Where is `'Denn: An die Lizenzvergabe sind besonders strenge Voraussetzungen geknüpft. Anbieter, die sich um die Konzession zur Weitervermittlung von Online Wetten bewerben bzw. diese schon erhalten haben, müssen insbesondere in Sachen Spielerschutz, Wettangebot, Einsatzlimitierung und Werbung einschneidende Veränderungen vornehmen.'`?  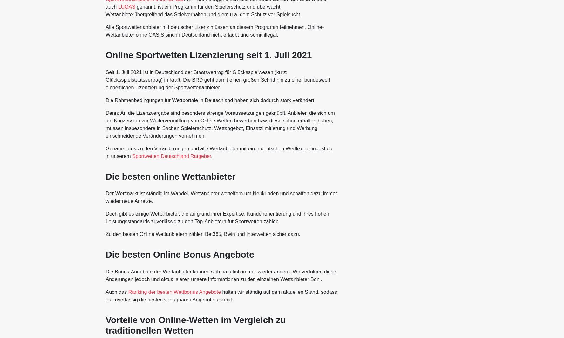
'Denn: An die Lizenzvergabe sind besonders strenge Voraussetzungen geknüpft. Anbieter, die sich um die Konzession zur Weitervermittlung von Online Wetten bewerben bzw. diese schon erhalten haben, müssen insbesondere in Sachen Spielerschutz, Wettangebot, Einsatzlimitierung und Werbung einschneidende Veränderungen vornehmen.' is located at coordinates (220, 124).